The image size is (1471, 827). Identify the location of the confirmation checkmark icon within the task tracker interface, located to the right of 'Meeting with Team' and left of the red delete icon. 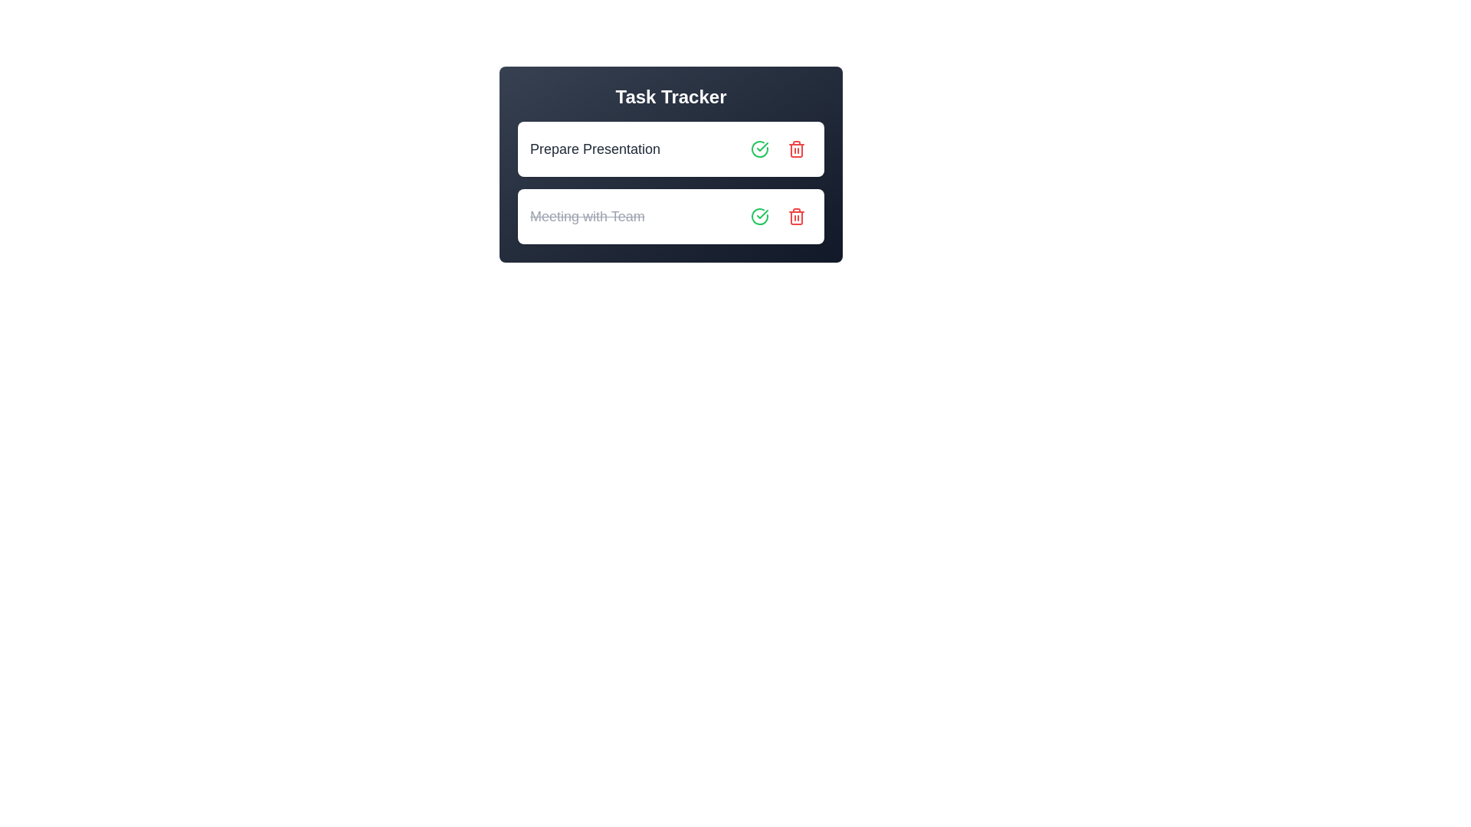
(760, 216).